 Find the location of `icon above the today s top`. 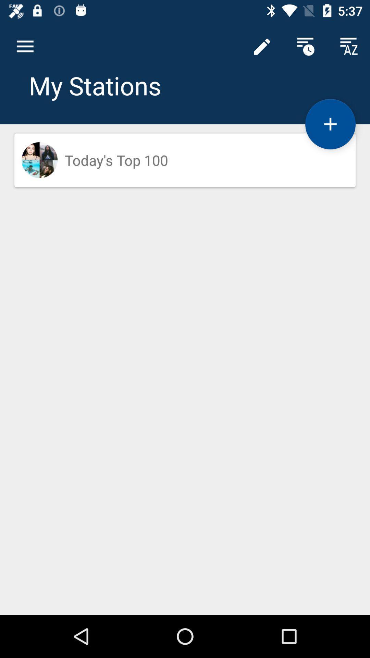

icon above the today s top is located at coordinates (262, 46).